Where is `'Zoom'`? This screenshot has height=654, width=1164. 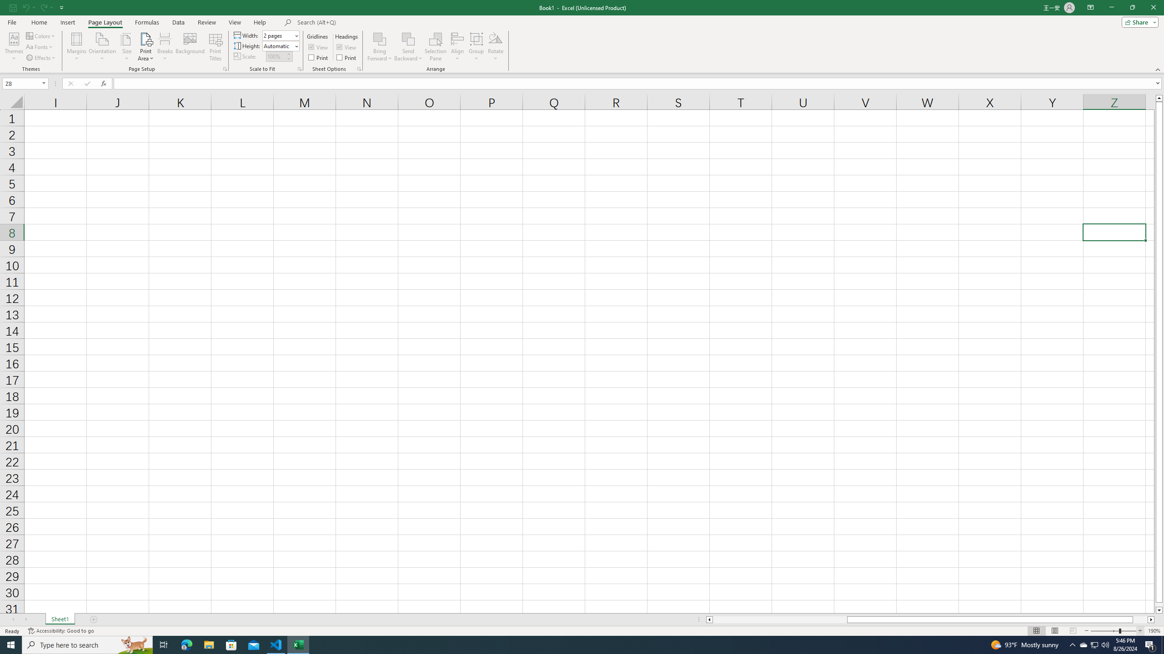
'Zoom' is located at coordinates (1113, 631).